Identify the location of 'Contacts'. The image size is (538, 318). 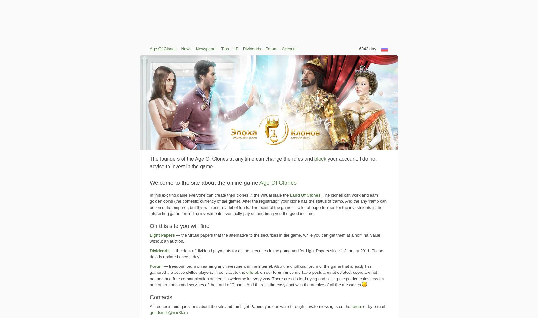
(161, 297).